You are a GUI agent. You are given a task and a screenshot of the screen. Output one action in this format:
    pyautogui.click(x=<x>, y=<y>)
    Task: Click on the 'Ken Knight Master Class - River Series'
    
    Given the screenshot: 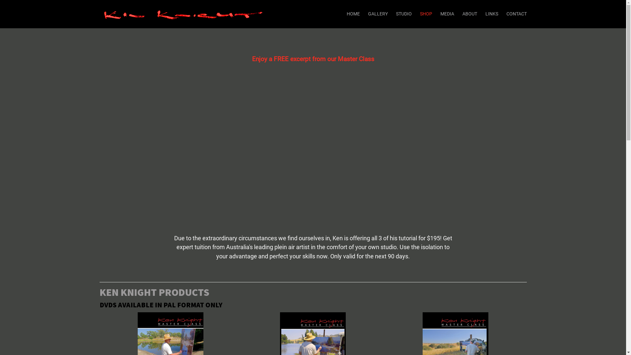 What is the action you would take?
    pyautogui.click(x=312, y=344)
    